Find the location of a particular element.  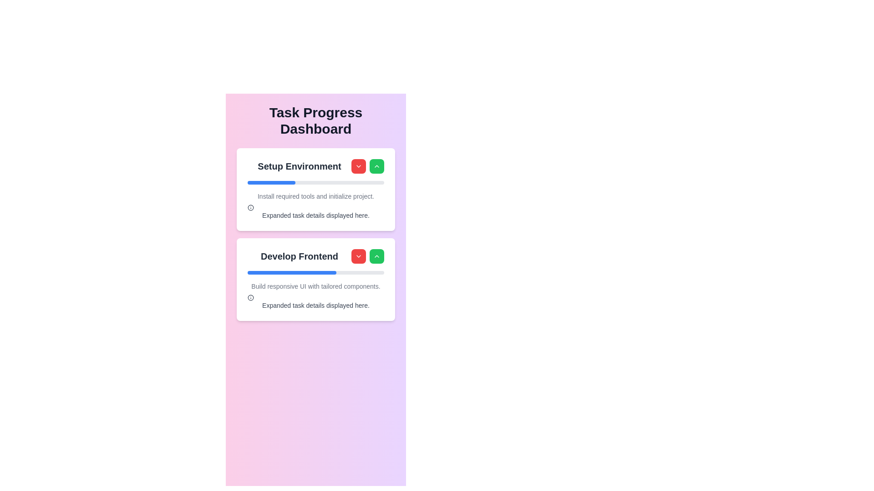

the Progress Bar located below the 'Develop Frontend' title and action buttons, which visually indicates task completion percentage is located at coordinates (316, 272).